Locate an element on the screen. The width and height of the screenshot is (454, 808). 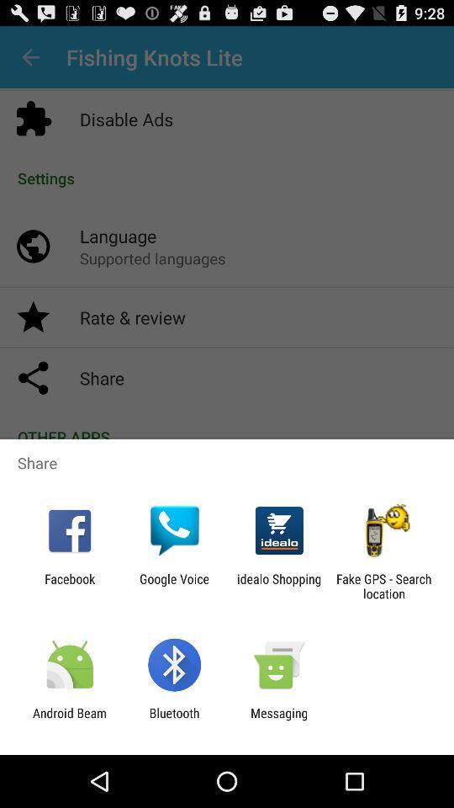
icon next to bluetooth app is located at coordinates (69, 720).